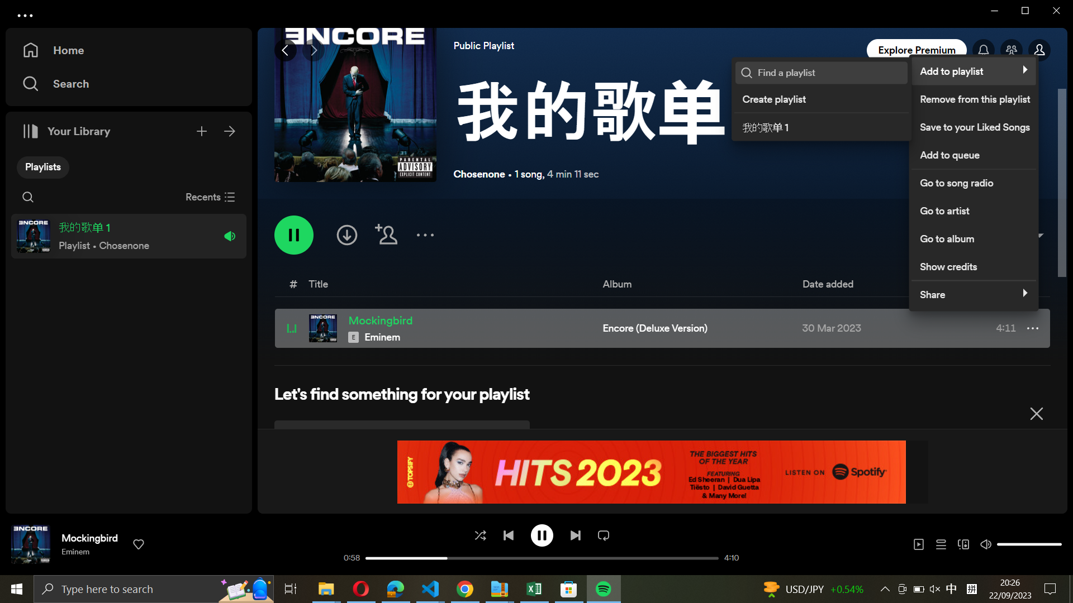  What do you see at coordinates (972, 209) in the screenshot?
I see `the artist category` at bounding box center [972, 209].